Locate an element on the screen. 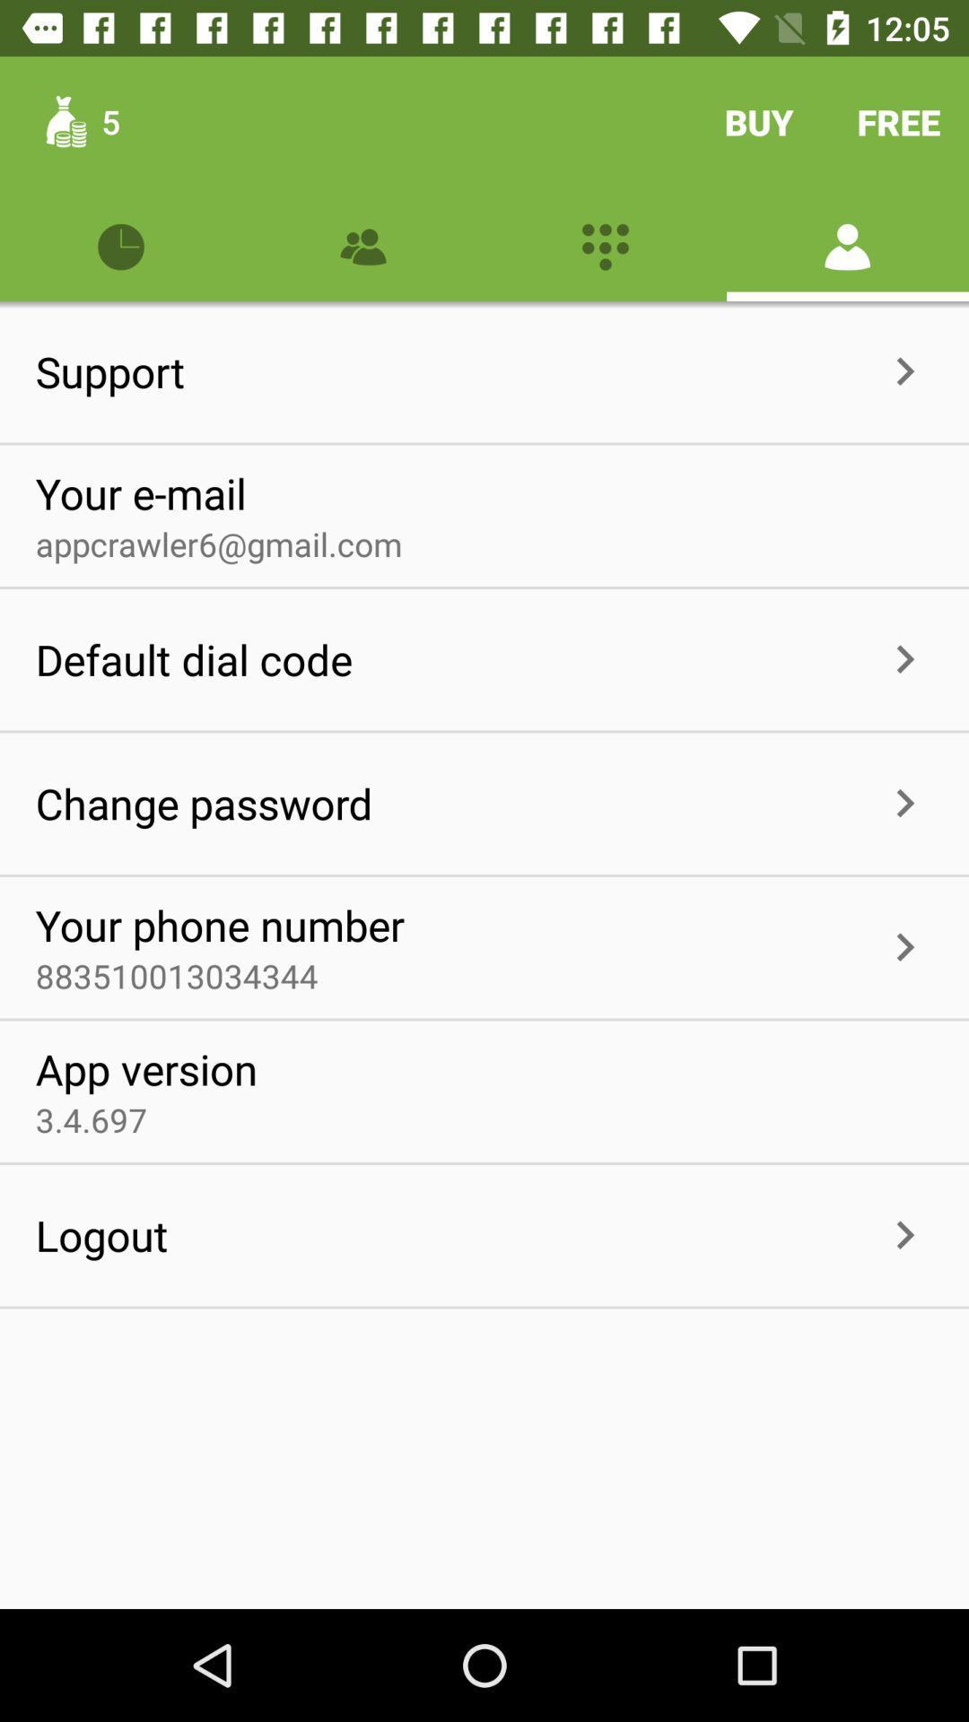 The height and width of the screenshot is (1722, 969). app version is located at coordinates (145, 1069).